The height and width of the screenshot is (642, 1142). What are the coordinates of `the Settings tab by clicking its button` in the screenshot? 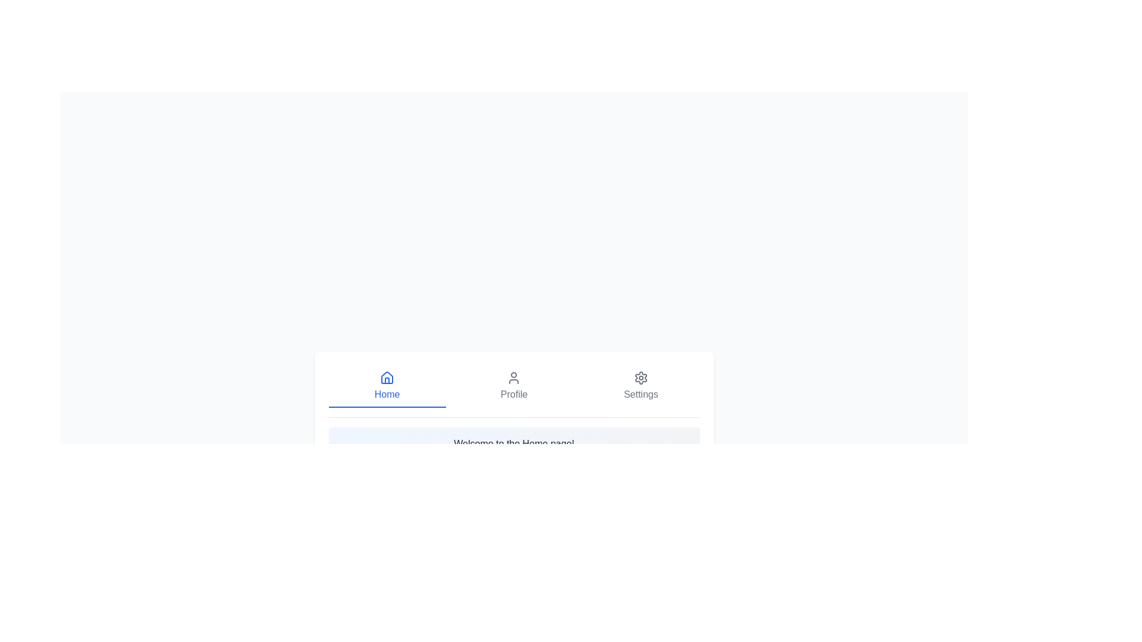 It's located at (639, 386).